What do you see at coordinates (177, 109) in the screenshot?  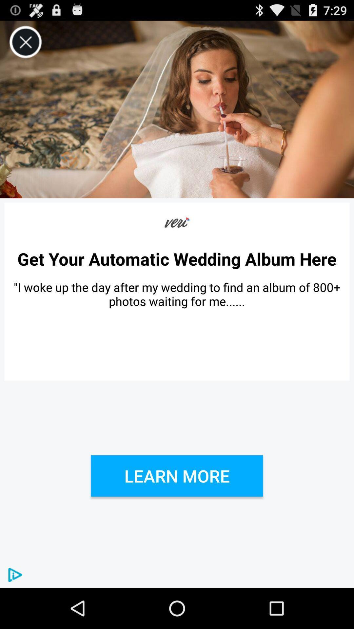 I see `click on the image` at bounding box center [177, 109].